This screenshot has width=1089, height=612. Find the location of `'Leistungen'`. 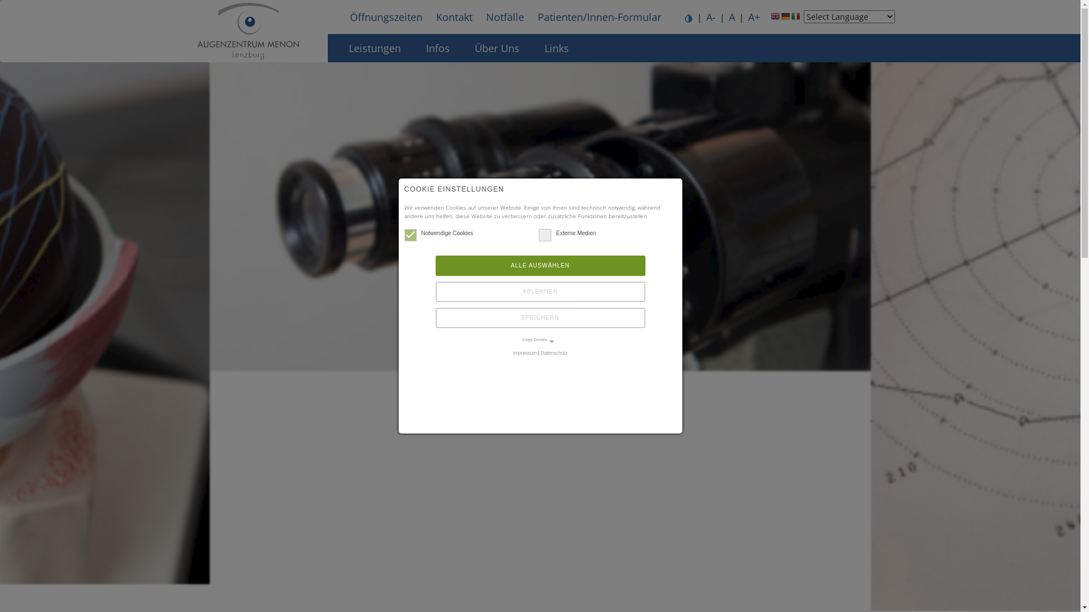

'Leistungen' is located at coordinates (374, 47).